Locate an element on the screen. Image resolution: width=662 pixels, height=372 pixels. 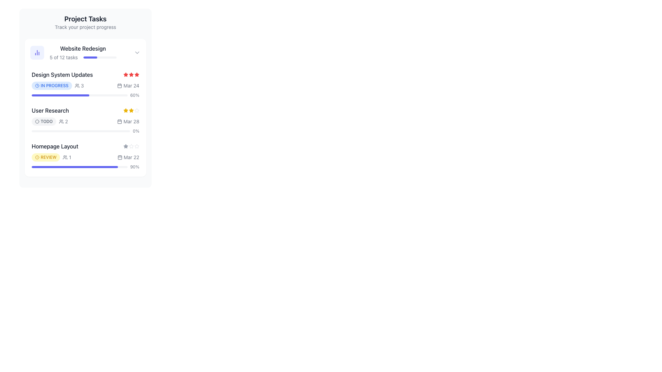
the fifth red star icon indicating priority or importance, located next to the 'Design System Updates' section in the task progress list is located at coordinates (137, 74).